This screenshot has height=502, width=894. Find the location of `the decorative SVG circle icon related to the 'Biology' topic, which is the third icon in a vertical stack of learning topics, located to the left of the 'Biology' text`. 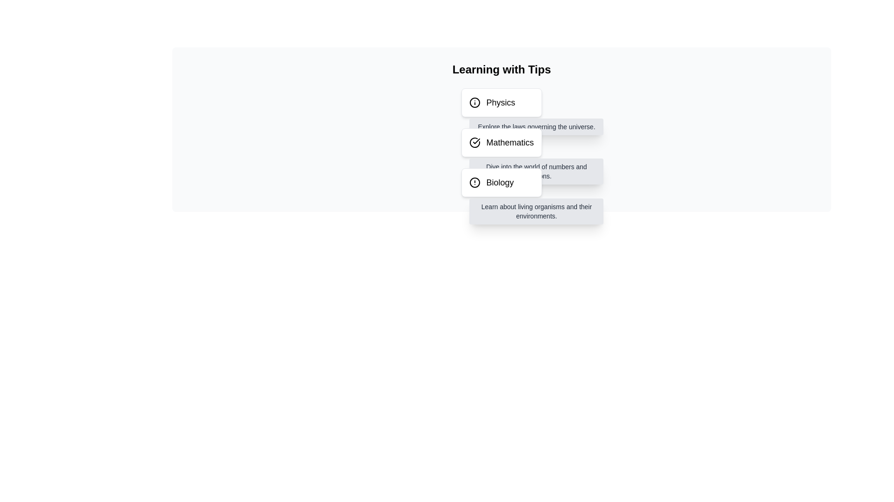

the decorative SVG circle icon related to the 'Biology' topic, which is the third icon in a vertical stack of learning topics, located to the left of the 'Biology' text is located at coordinates (475, 183).